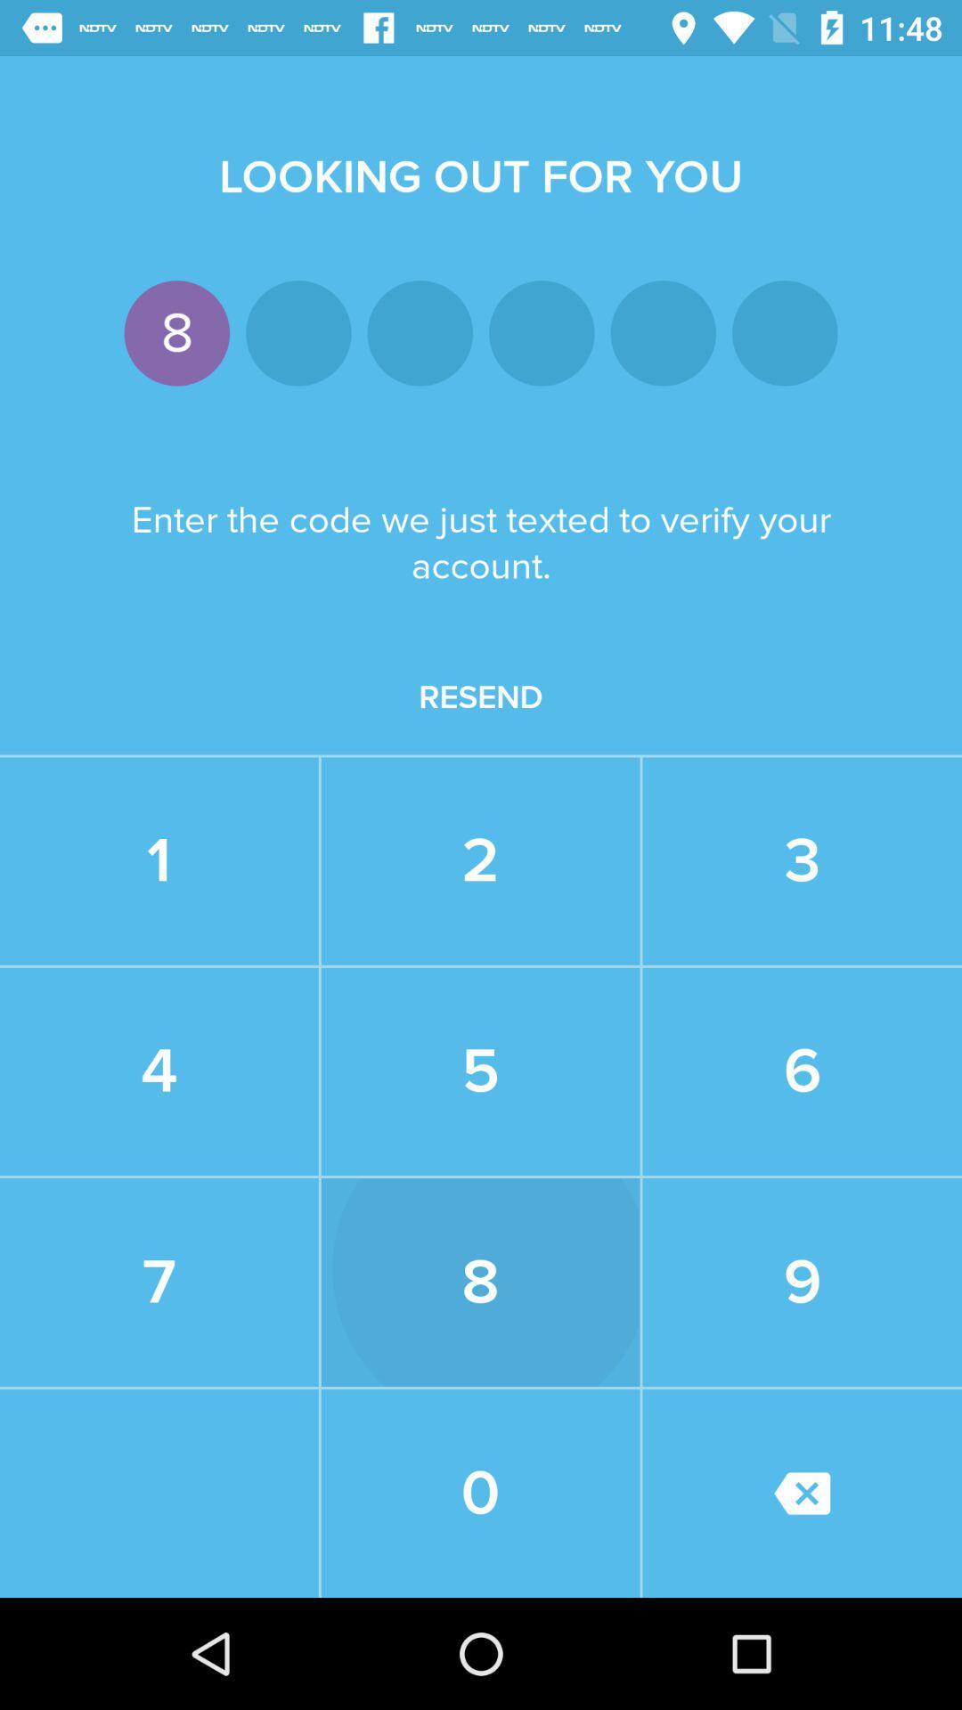 The width and height of the screenshot is (962, 1710). I want to click on the resend icon, so click(481, 696).